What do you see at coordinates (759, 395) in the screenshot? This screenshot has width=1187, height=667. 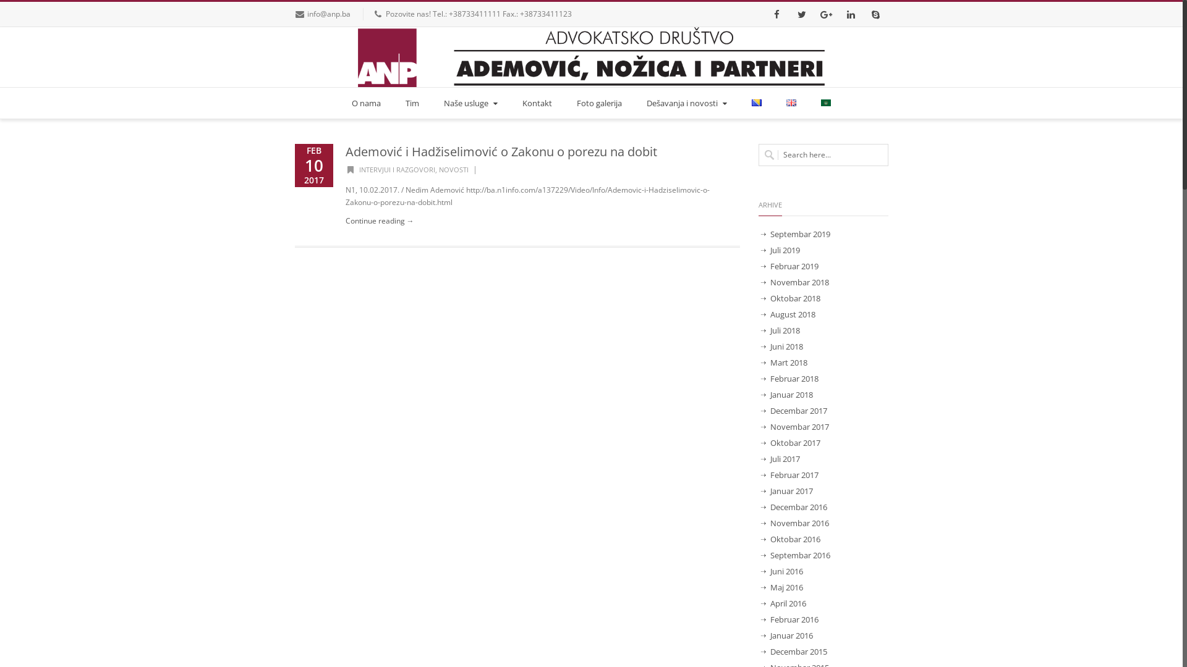 I see `'Januar 2018'` at bounding box center [759, 395].